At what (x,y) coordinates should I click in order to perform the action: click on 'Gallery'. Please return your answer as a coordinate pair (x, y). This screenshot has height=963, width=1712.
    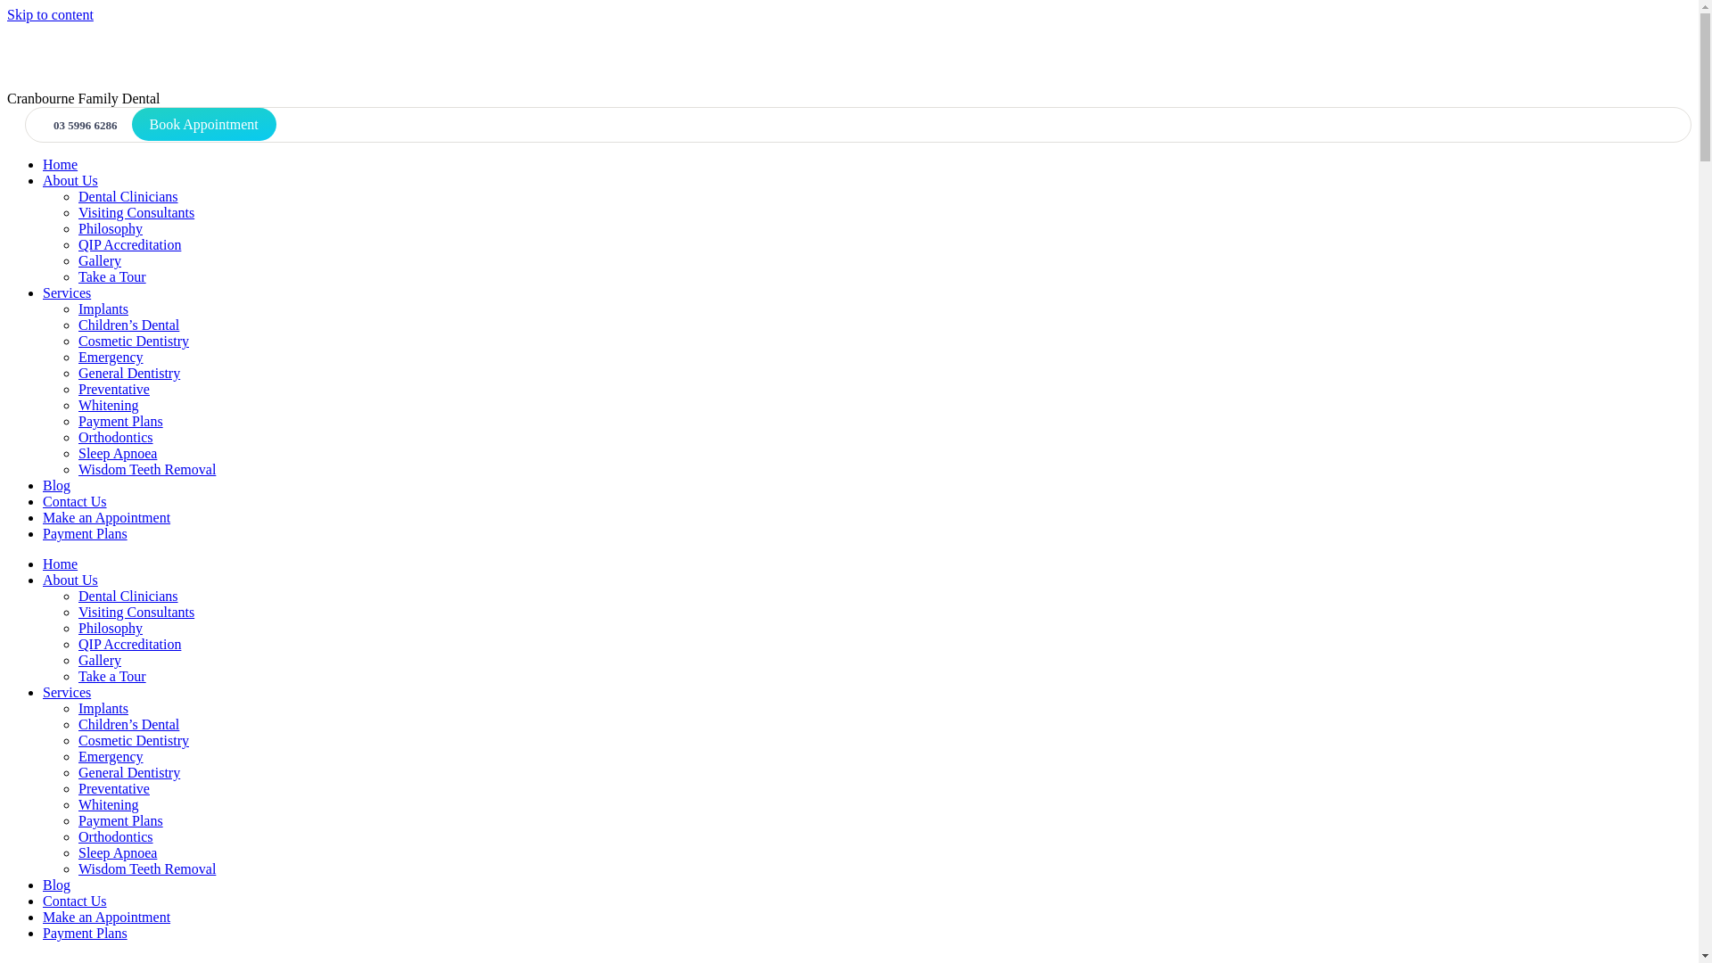
    Looking at the image, I should click on (98, 260).